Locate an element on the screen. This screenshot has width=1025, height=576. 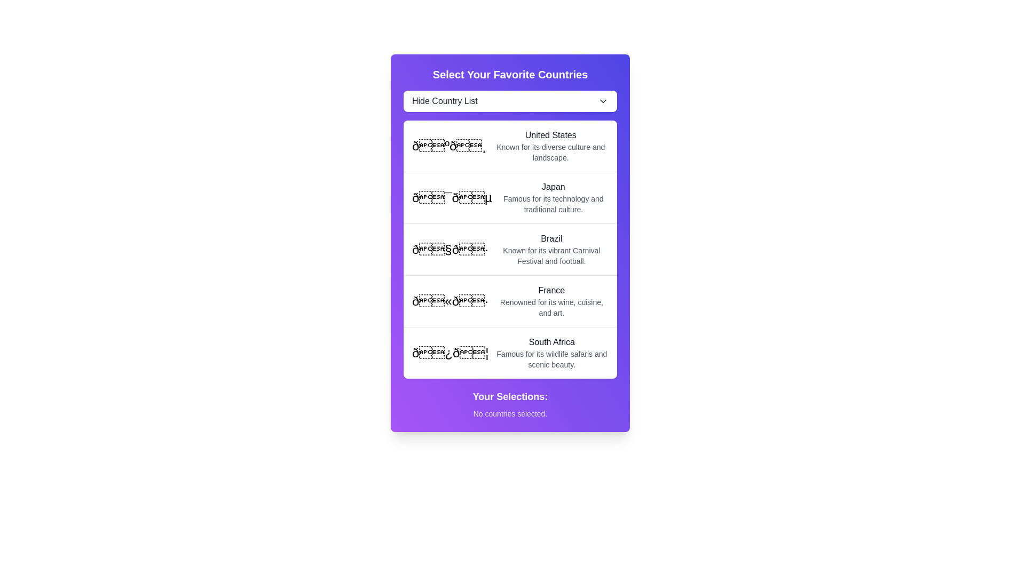
the Text Block that provides information about France, located in the fourth position of a vertically stacked list of country descriptions, to the right of a flag icon is located at coordinates (551, 301).